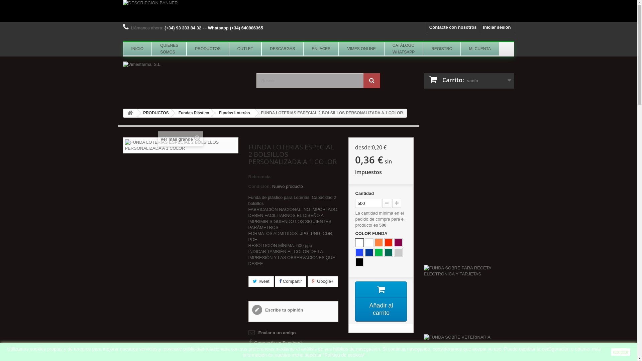 Image resolution: width=642 pixels, height=361 pixels. What do you see at coordinates (460, 48) in the screenshot?
I see `'MI CUENTA'` at bounding box center [460, 48].